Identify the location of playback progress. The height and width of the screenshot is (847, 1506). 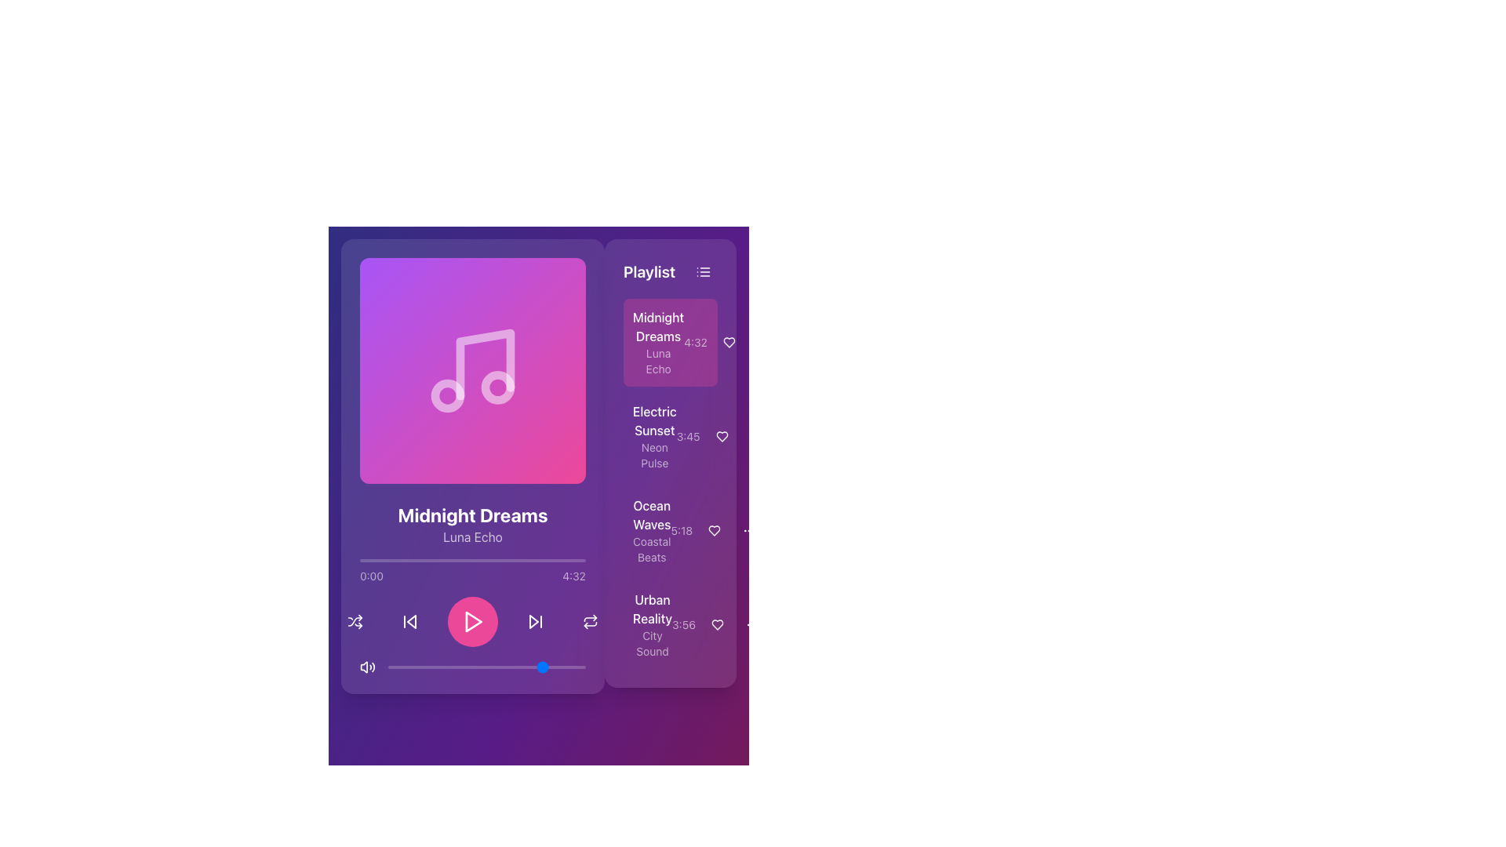
(484, 667).